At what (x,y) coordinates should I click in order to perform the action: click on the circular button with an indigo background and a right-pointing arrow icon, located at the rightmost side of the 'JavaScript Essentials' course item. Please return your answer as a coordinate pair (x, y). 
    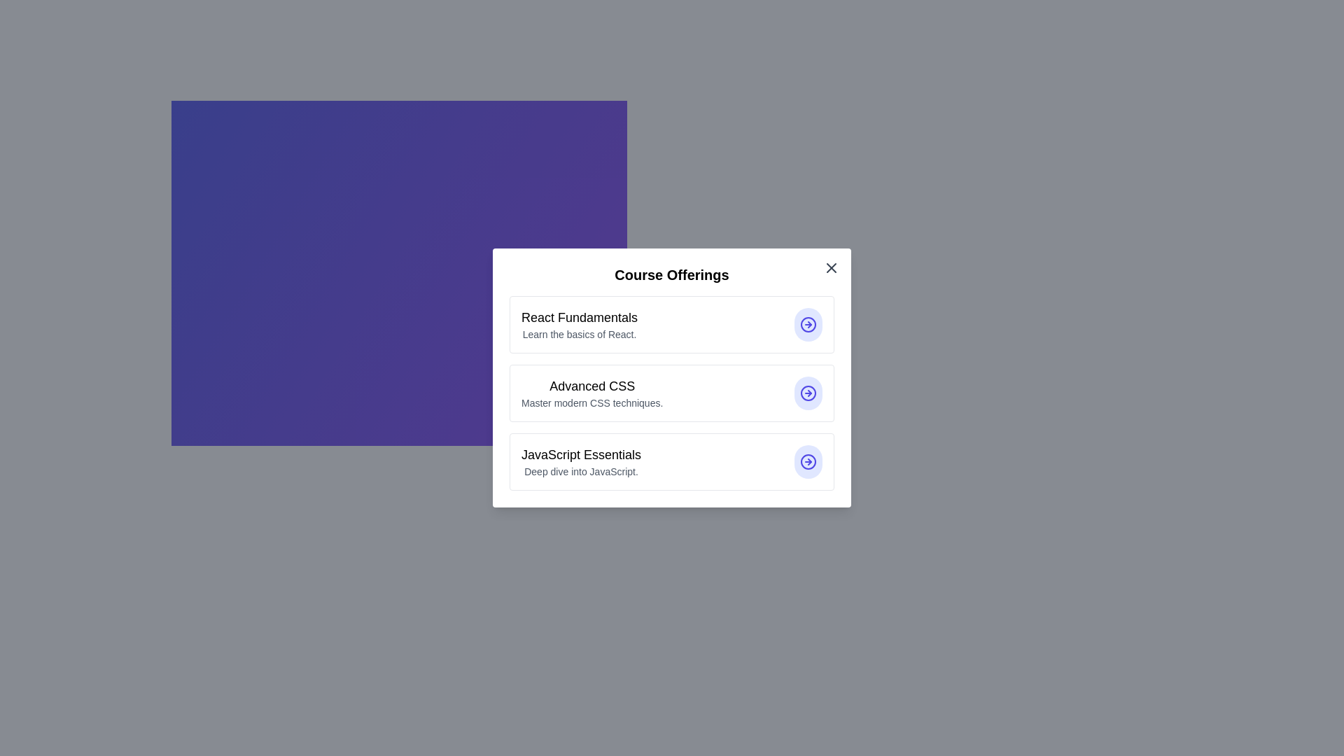
    Looking at the image, I should click on (808, 461).